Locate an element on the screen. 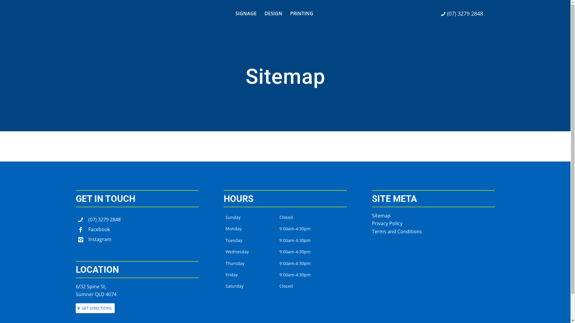 The width and height of the screenshot is (575, 323). 'Instagram' is located at coordinates (80, 240).